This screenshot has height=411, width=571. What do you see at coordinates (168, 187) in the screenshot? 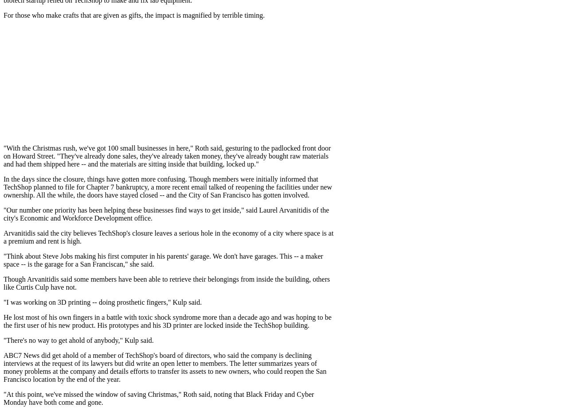
I see `'In the days since the closure, things have gotten more confusing. Though members were initially informed that TechShop planned to file for Chapter 7 bankruptcy, a more recent email talked of reopening the facilities under new ownership. All the while, the doors have stayed closed -- and the City of San Francisco has gotten involved.'` at bounding box center [168, 187].